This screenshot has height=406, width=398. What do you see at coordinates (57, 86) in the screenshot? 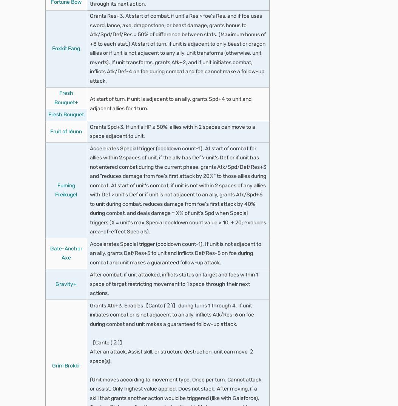
I see `'2'` at bounding box center [57, 86].